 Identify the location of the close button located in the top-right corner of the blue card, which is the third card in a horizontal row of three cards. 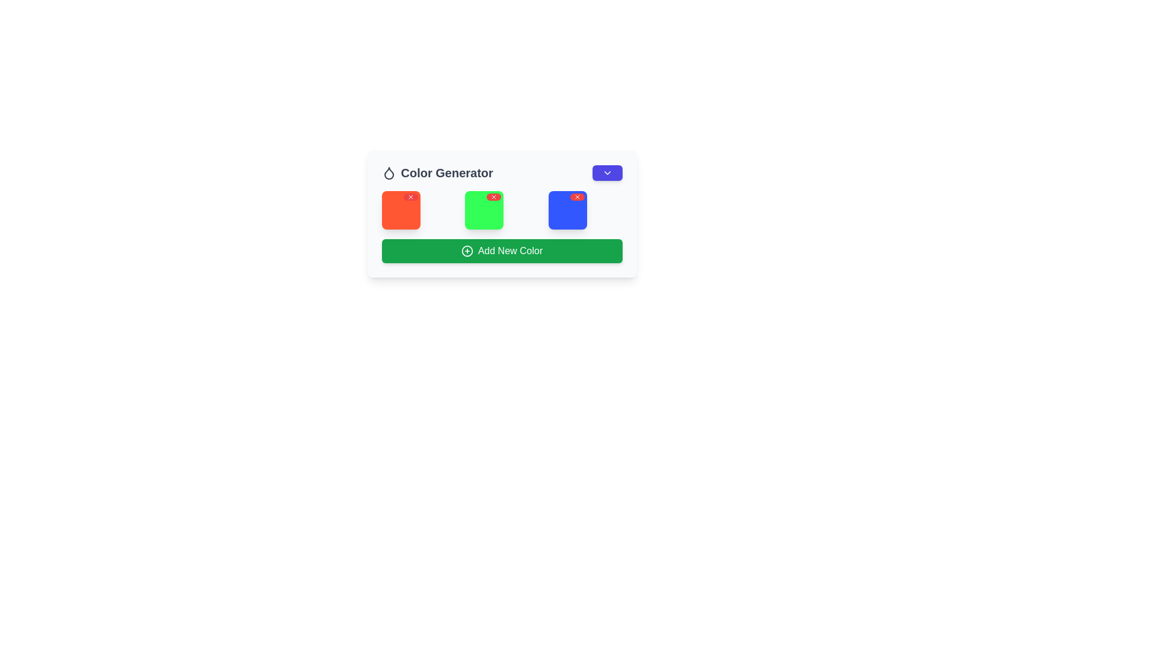
(576, 196).